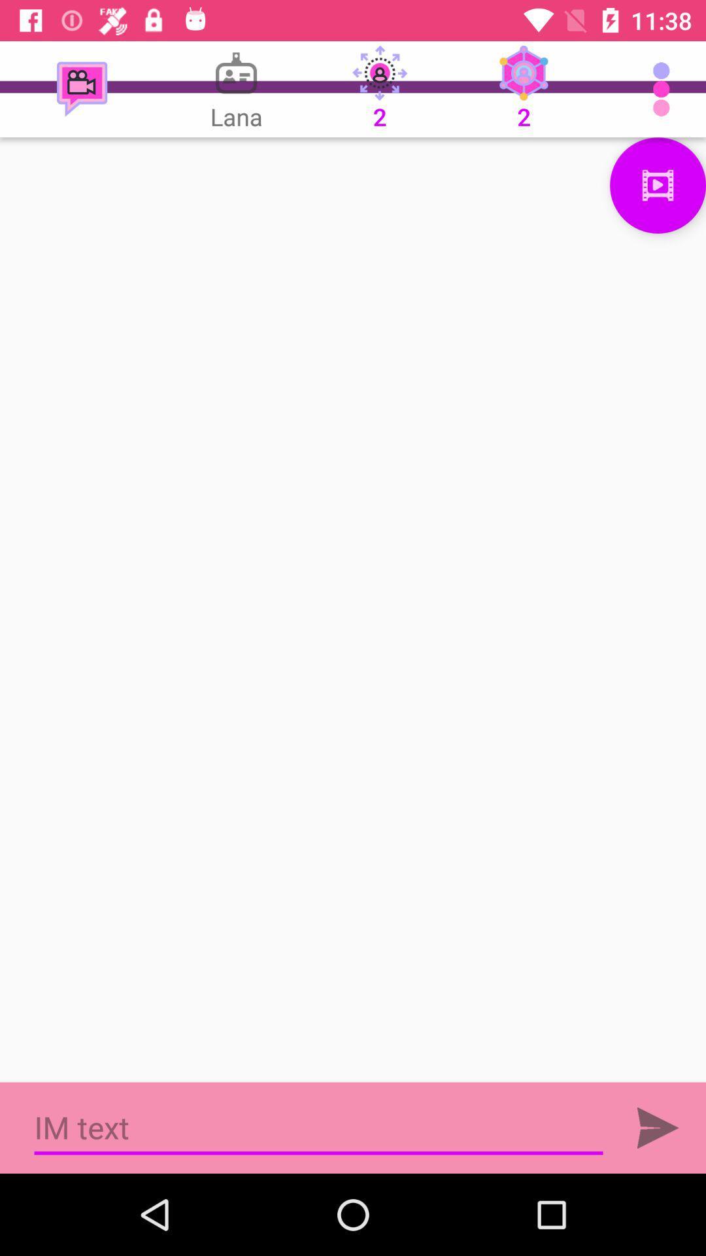  I want to click on the wallpaper icon, so click(658, 184).